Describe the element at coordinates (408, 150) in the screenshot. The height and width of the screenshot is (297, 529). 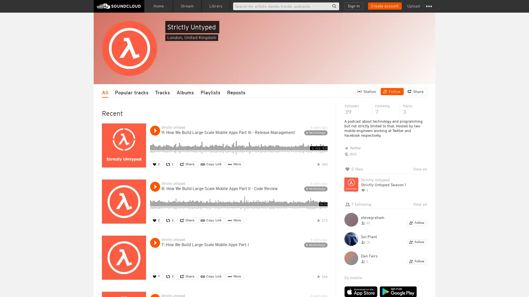
I see `Clear` at that location.